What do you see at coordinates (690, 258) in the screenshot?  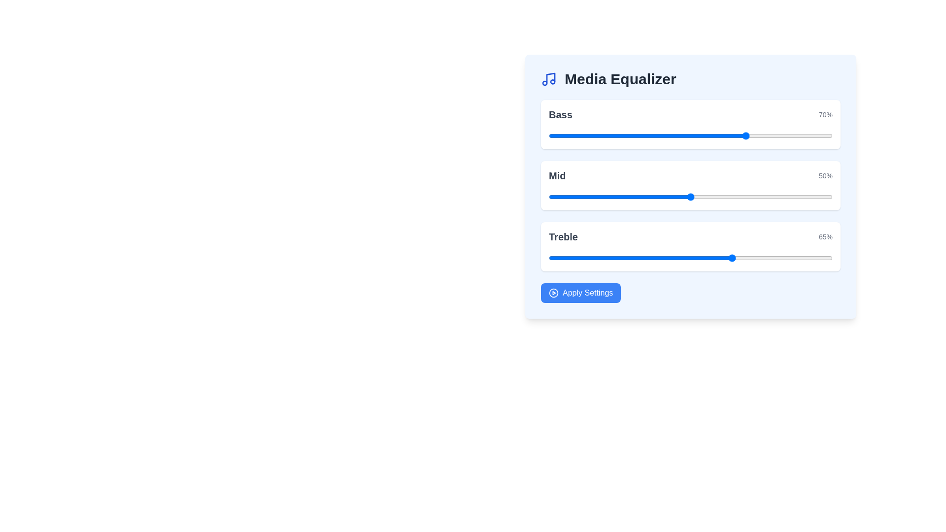 I see `the handle of the horizontal range slider located beneath the 'Treble' label, currently positioned at 65%` at bounding box center [690, 258].